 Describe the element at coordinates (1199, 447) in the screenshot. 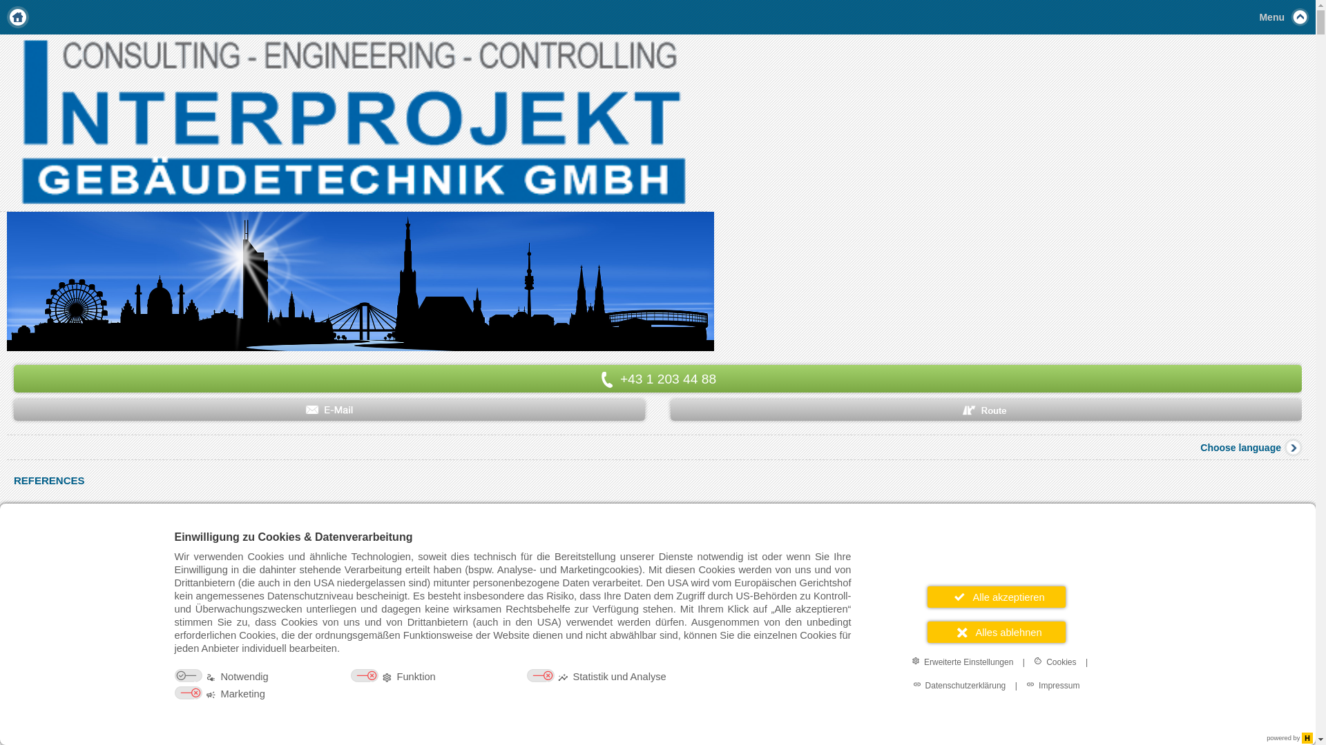

I see `'Choose language'` at that location.